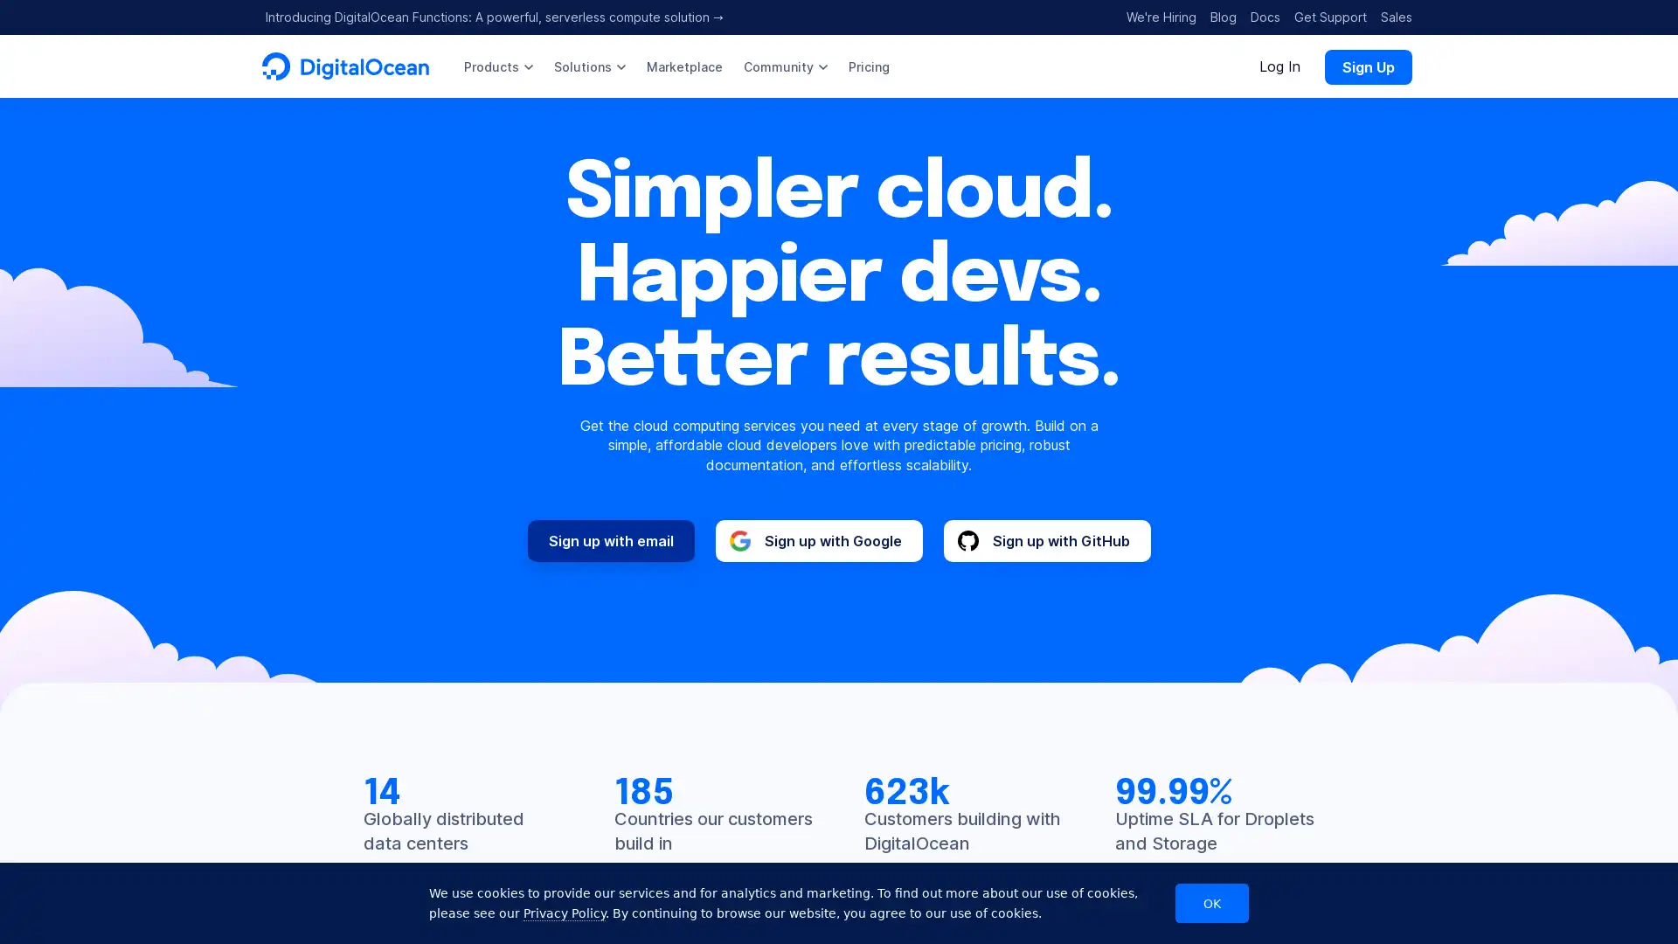 The image size is (1678, 944). What do you see at coordinates (1367, 66) in the screenshot?
I see `Sign Up` at bounding box center [1367, 66].